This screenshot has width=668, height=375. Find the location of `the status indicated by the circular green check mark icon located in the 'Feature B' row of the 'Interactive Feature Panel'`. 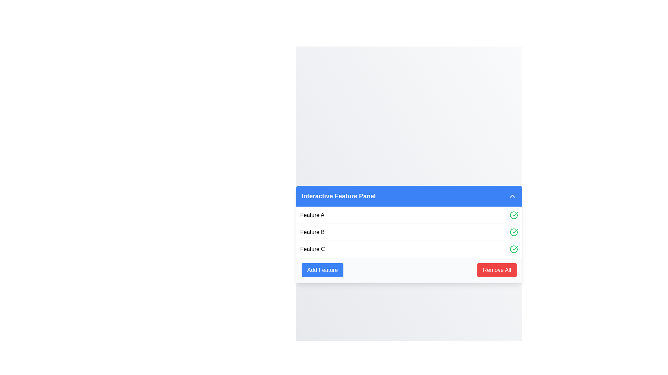

the status indicated by the circular green check mark icon located in the 'Feature B' row of the 'Interactive Feature Panel' is located at coordinates (515, 248).